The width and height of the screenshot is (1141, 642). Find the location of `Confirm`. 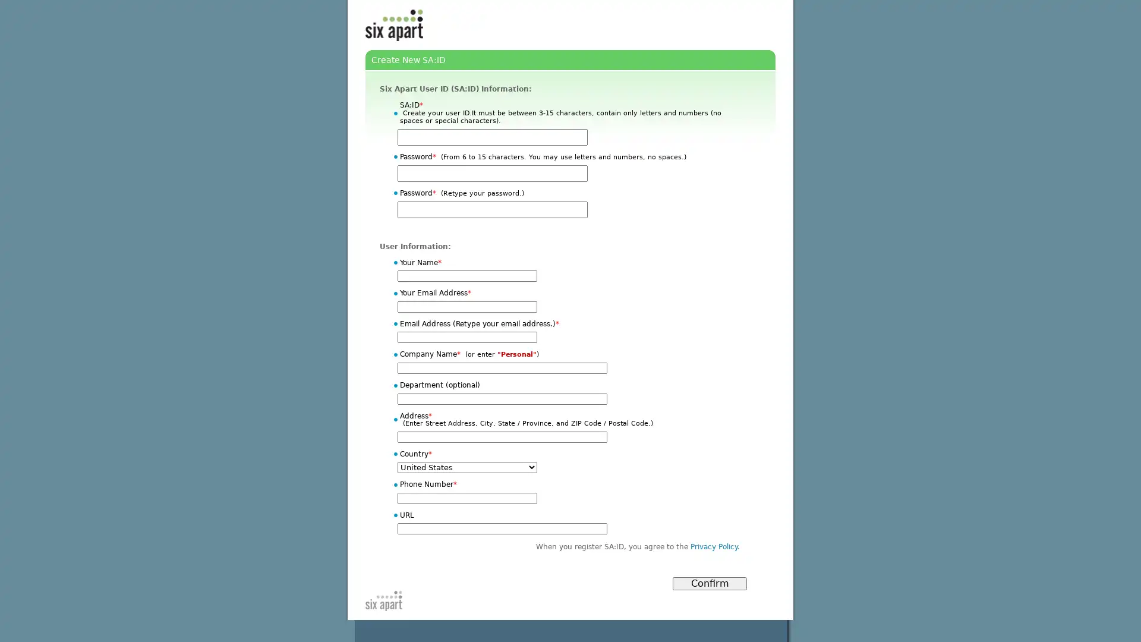

Confirm is located at coordinates (710, 583).